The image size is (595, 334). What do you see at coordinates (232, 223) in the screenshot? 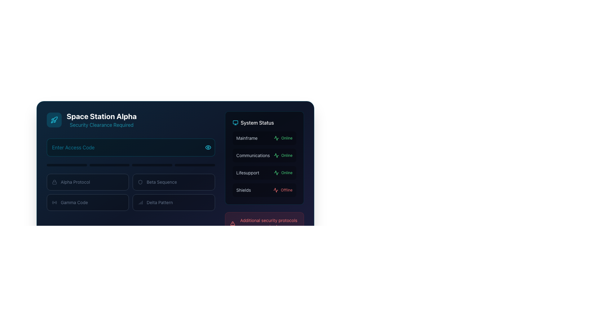
I see `the security warning icon located at the center of the alert message in the 'Additional security protocols' section, below the 'System Status' area` at bounding box center [232, 223].